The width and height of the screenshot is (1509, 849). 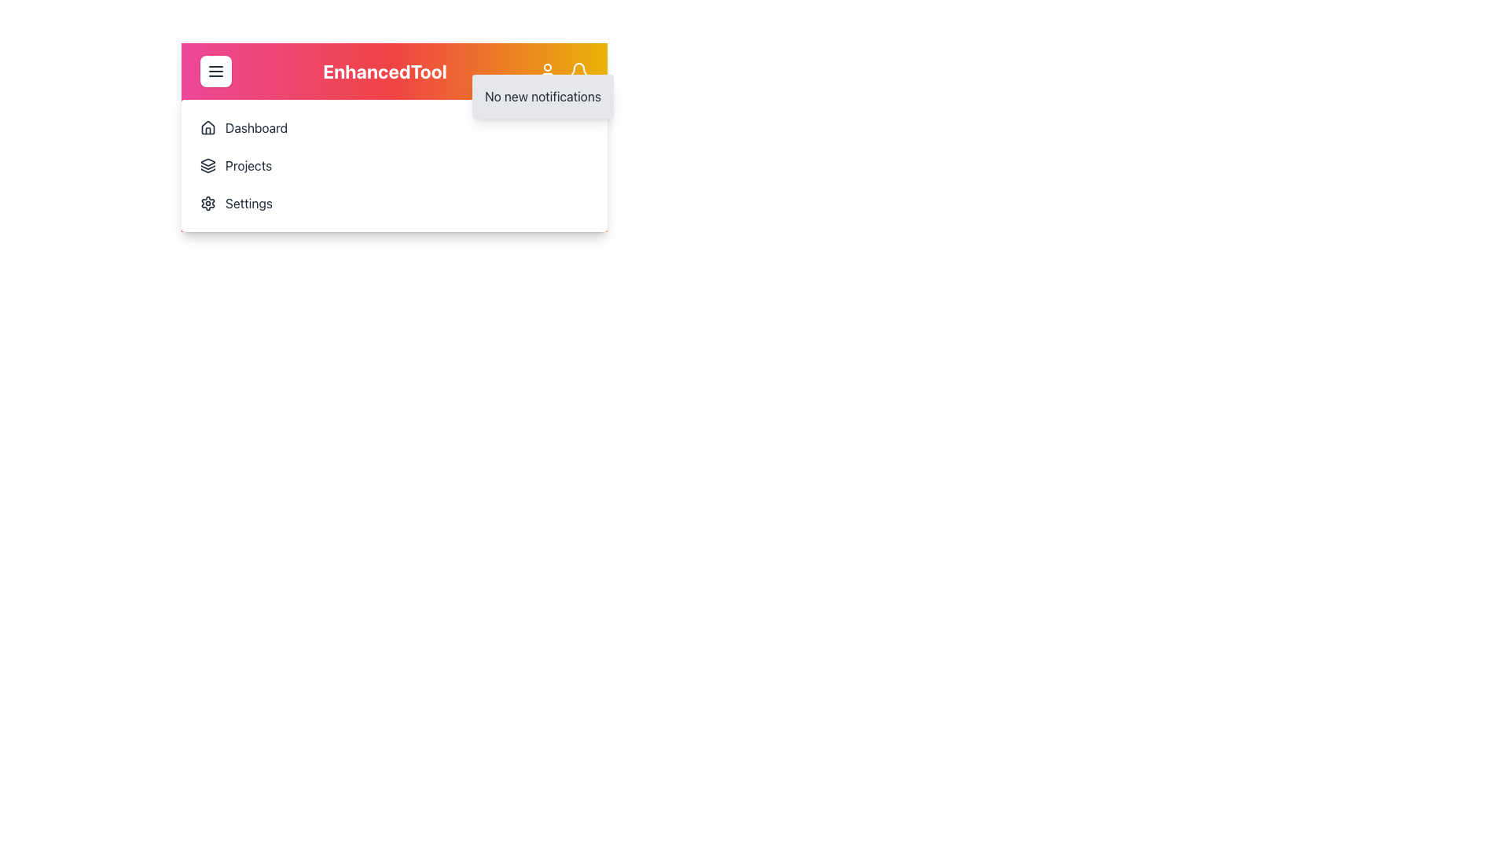 What do you see at coordinates (256, 127) in the screenshot?
I see `the navigation label that indicates the user will be directed to the dashboard section of the application, located next to the house icon and above 'Projects' and 'Settings'` at bounding box center [256, 127].